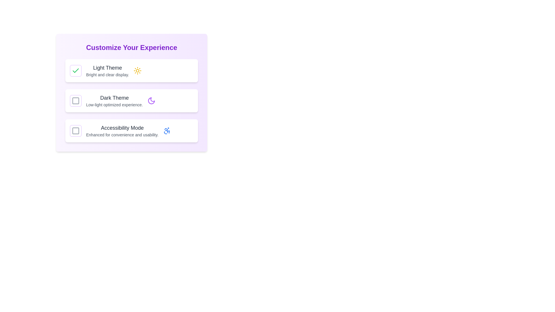 Image resolution: width=555 pixels, height=312 pixels. I want to click on the static descriptive text displaying 'Low-light optimized experience', which is located beneath the 'Dark Theme' title text in the 'Customize Your Experience' interface, so click(114, 105).